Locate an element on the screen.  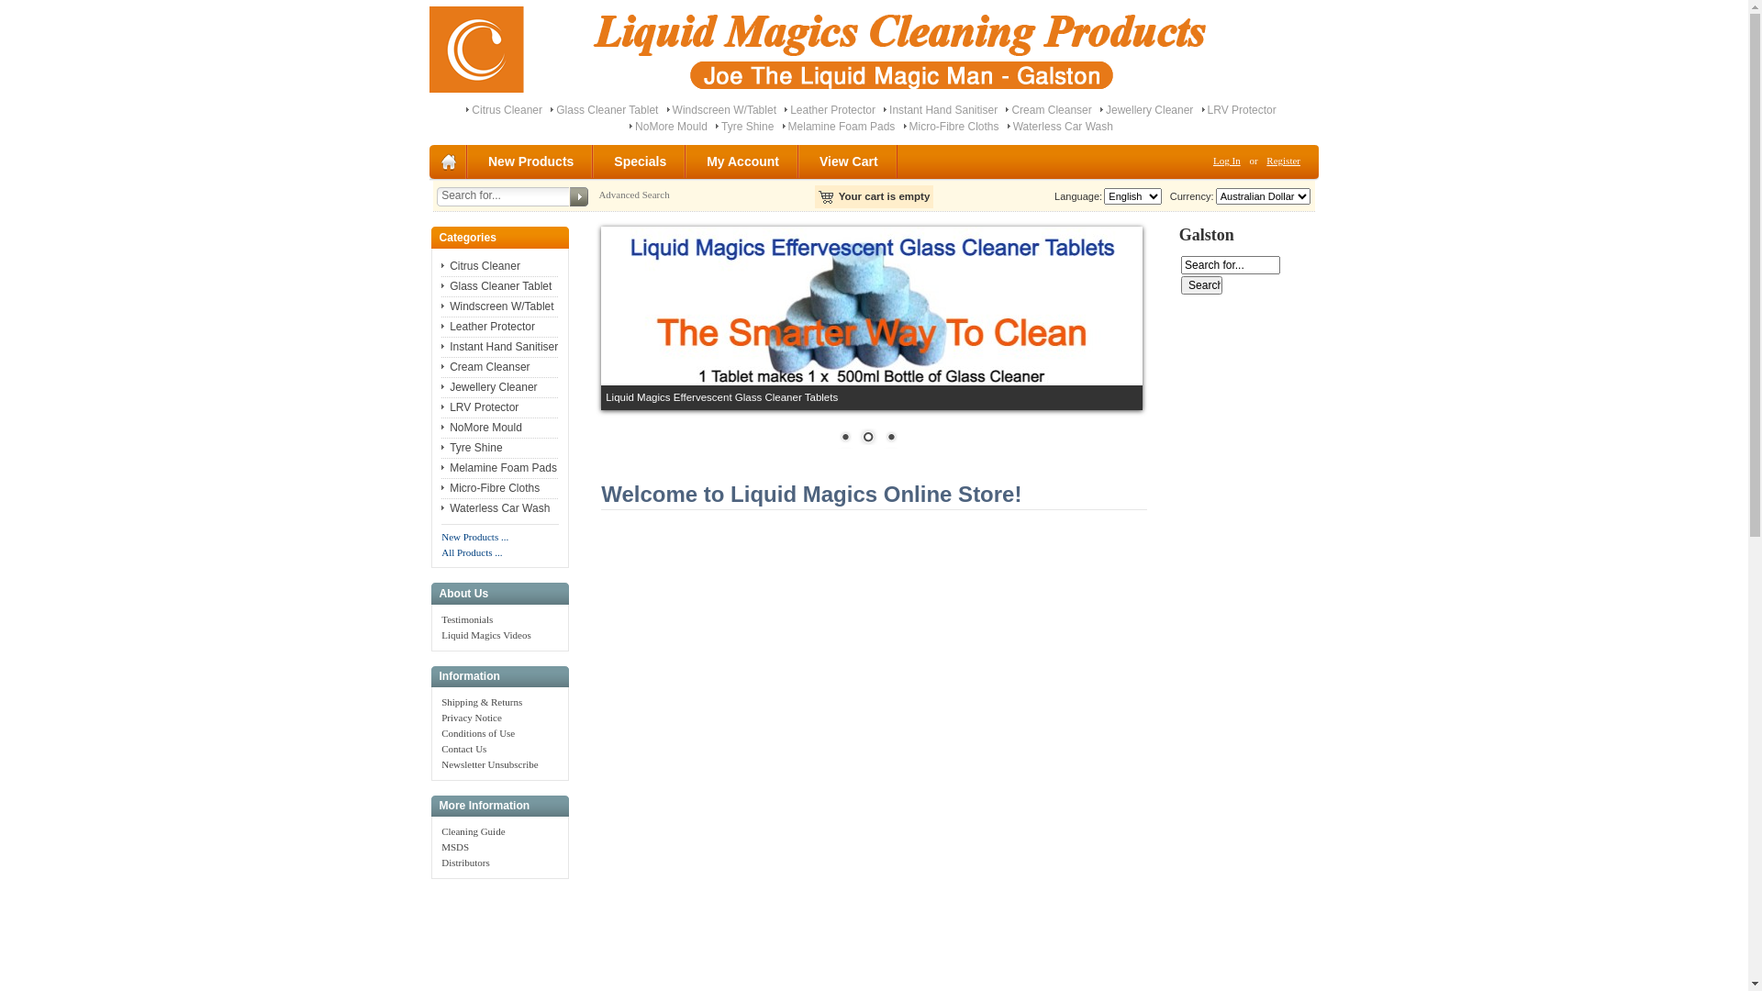
'Melamine Foam Pads' is located at coordinates (498, 466).